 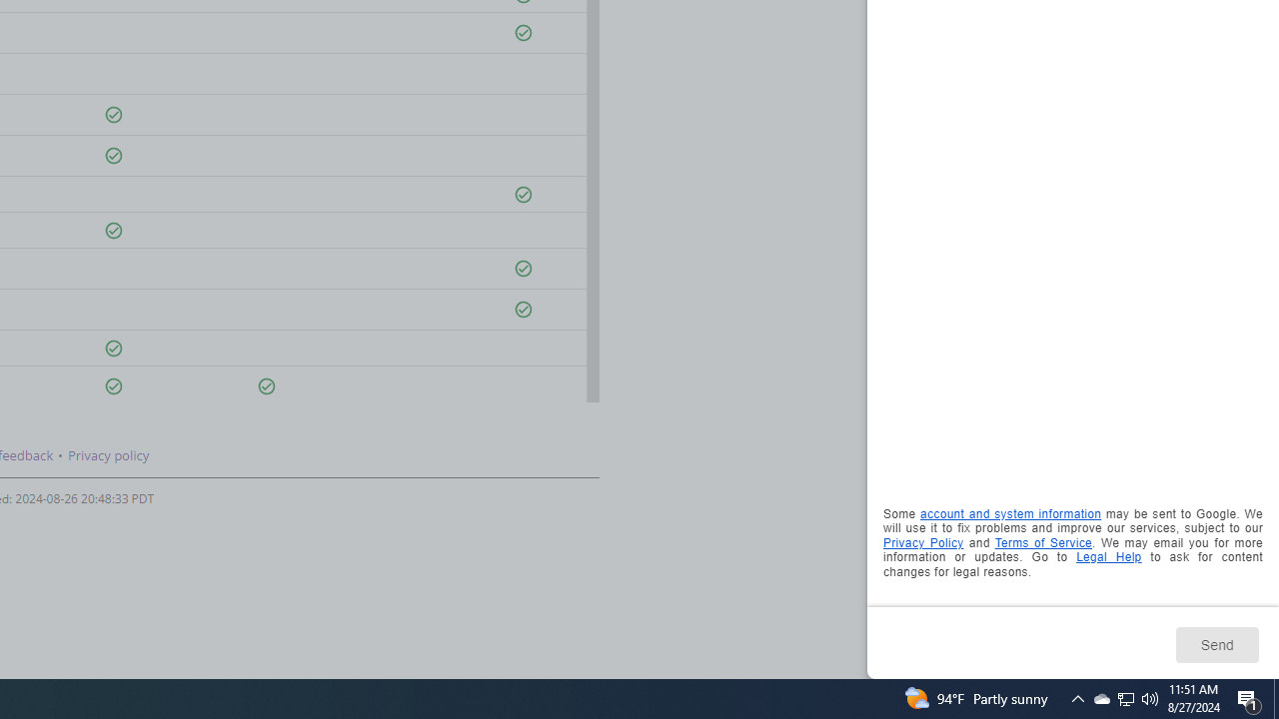 I want to click on 'Opens in a new tab. Privacy Policy', so click(x=922, y=542).